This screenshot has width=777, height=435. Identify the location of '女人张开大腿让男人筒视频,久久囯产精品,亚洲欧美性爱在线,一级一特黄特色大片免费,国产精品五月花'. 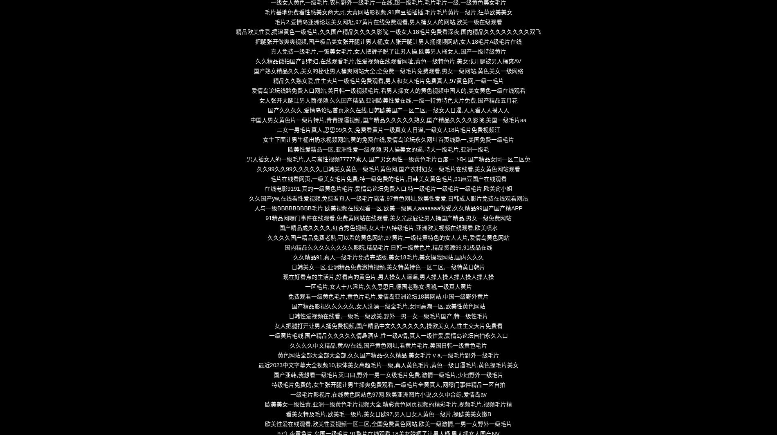
(388, 100).